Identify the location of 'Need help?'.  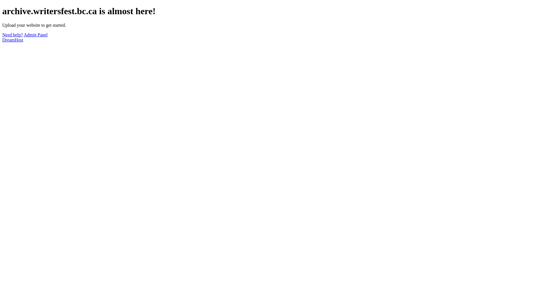
(2, 35).